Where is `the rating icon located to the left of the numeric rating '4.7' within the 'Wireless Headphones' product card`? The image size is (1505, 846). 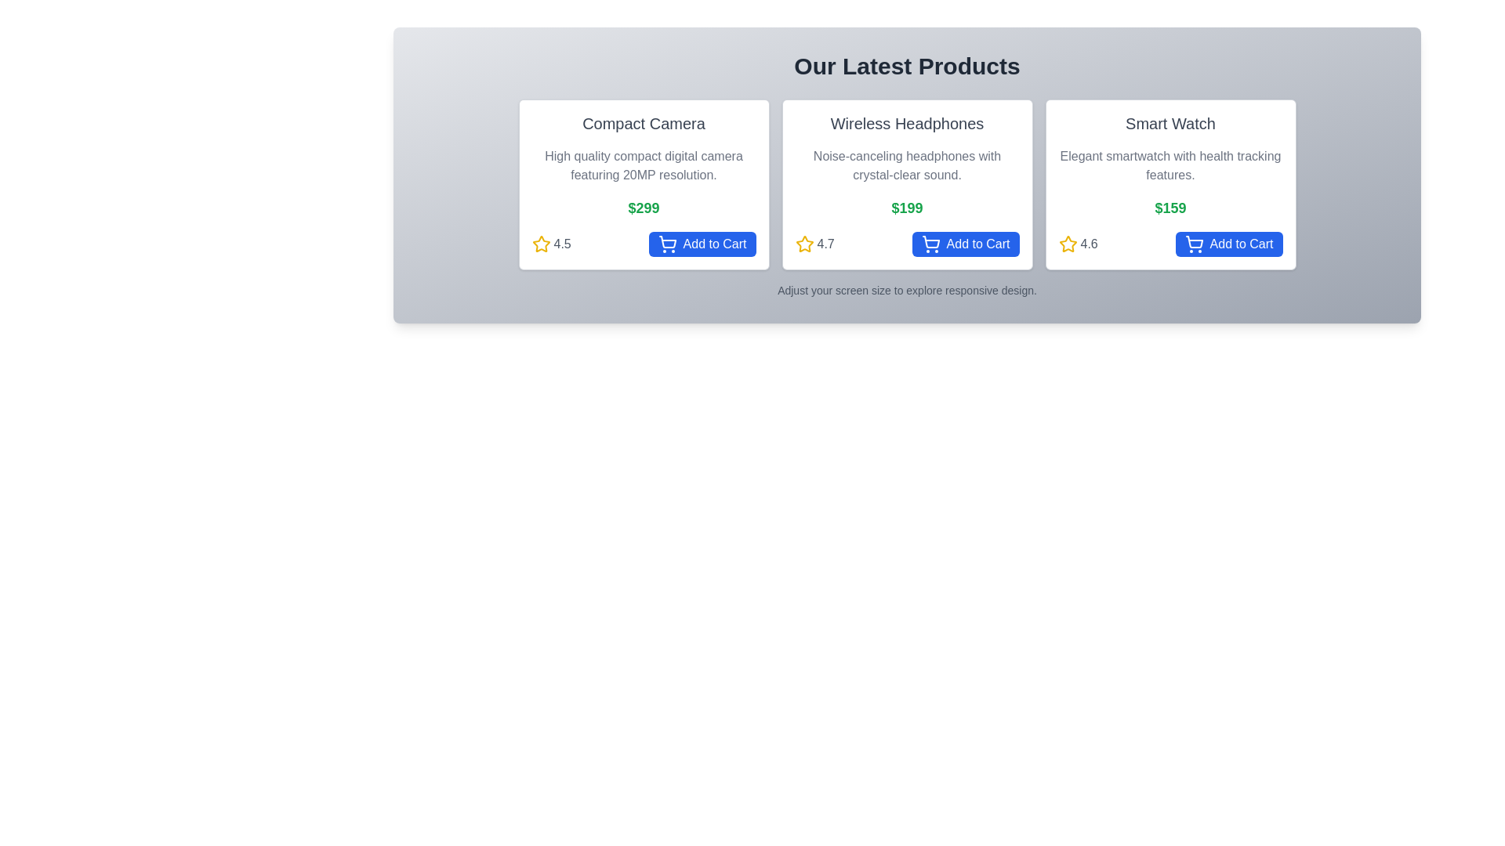 the rating icon located to the left of the numeric rating '4.7' within the 'Wireless Headphones' product card is located at coordinates (804, 244).